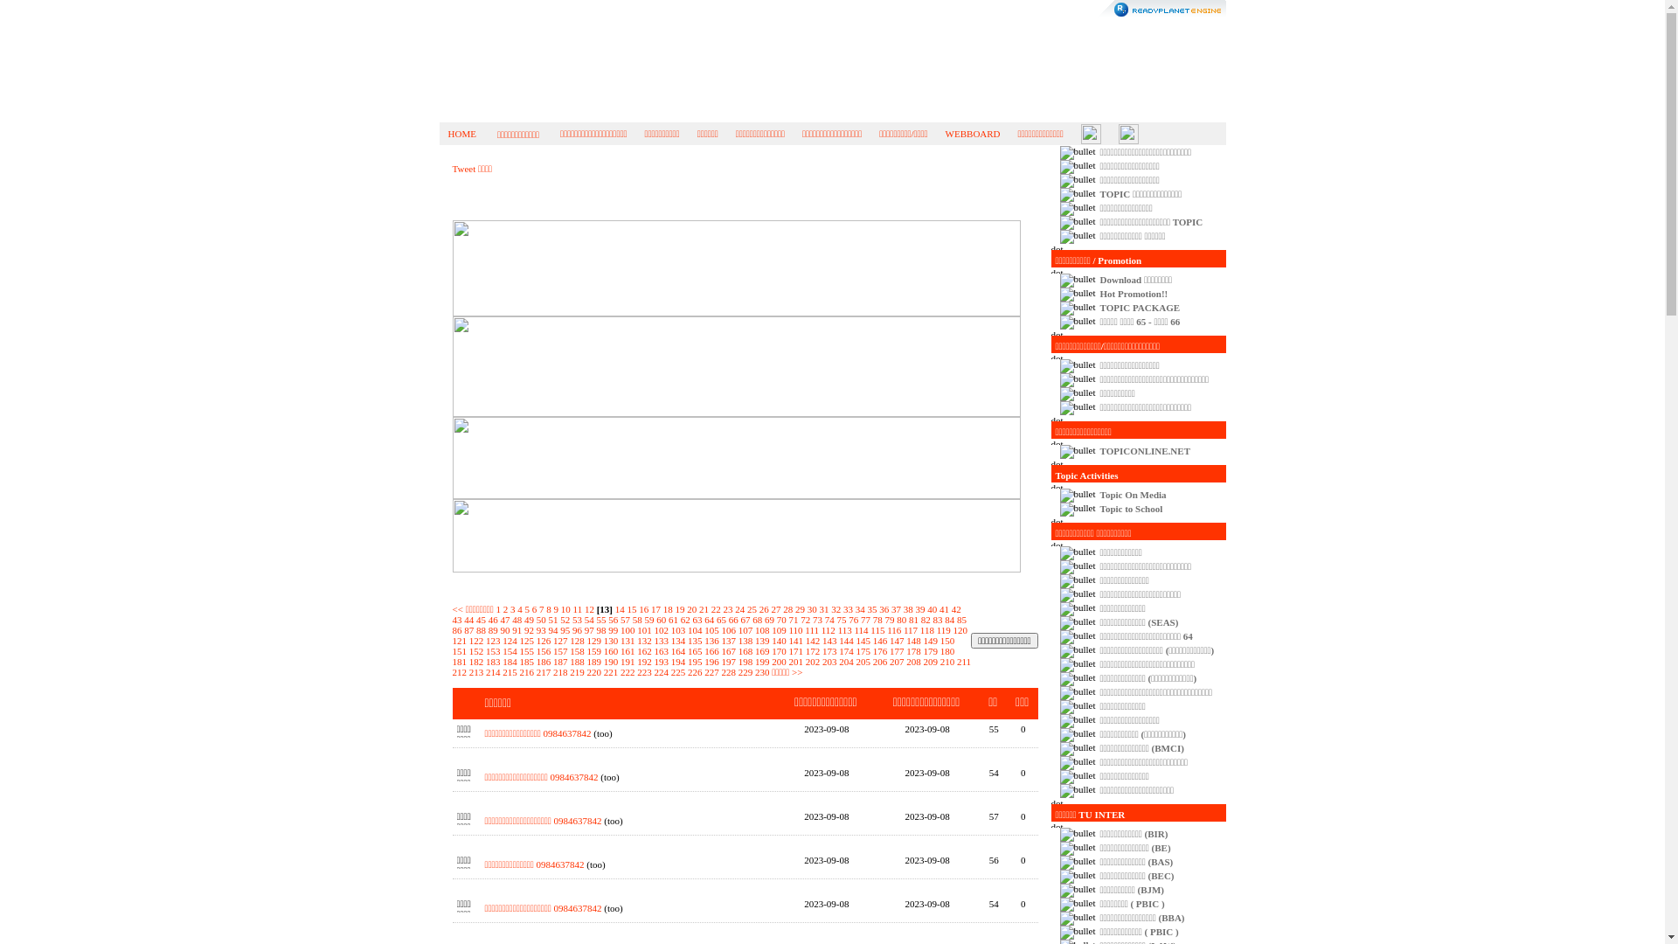 This screenshot has height=944, width=1678. Describe the element at coordinates (628, 661) in the screenshot. I see `'191'` at that location.